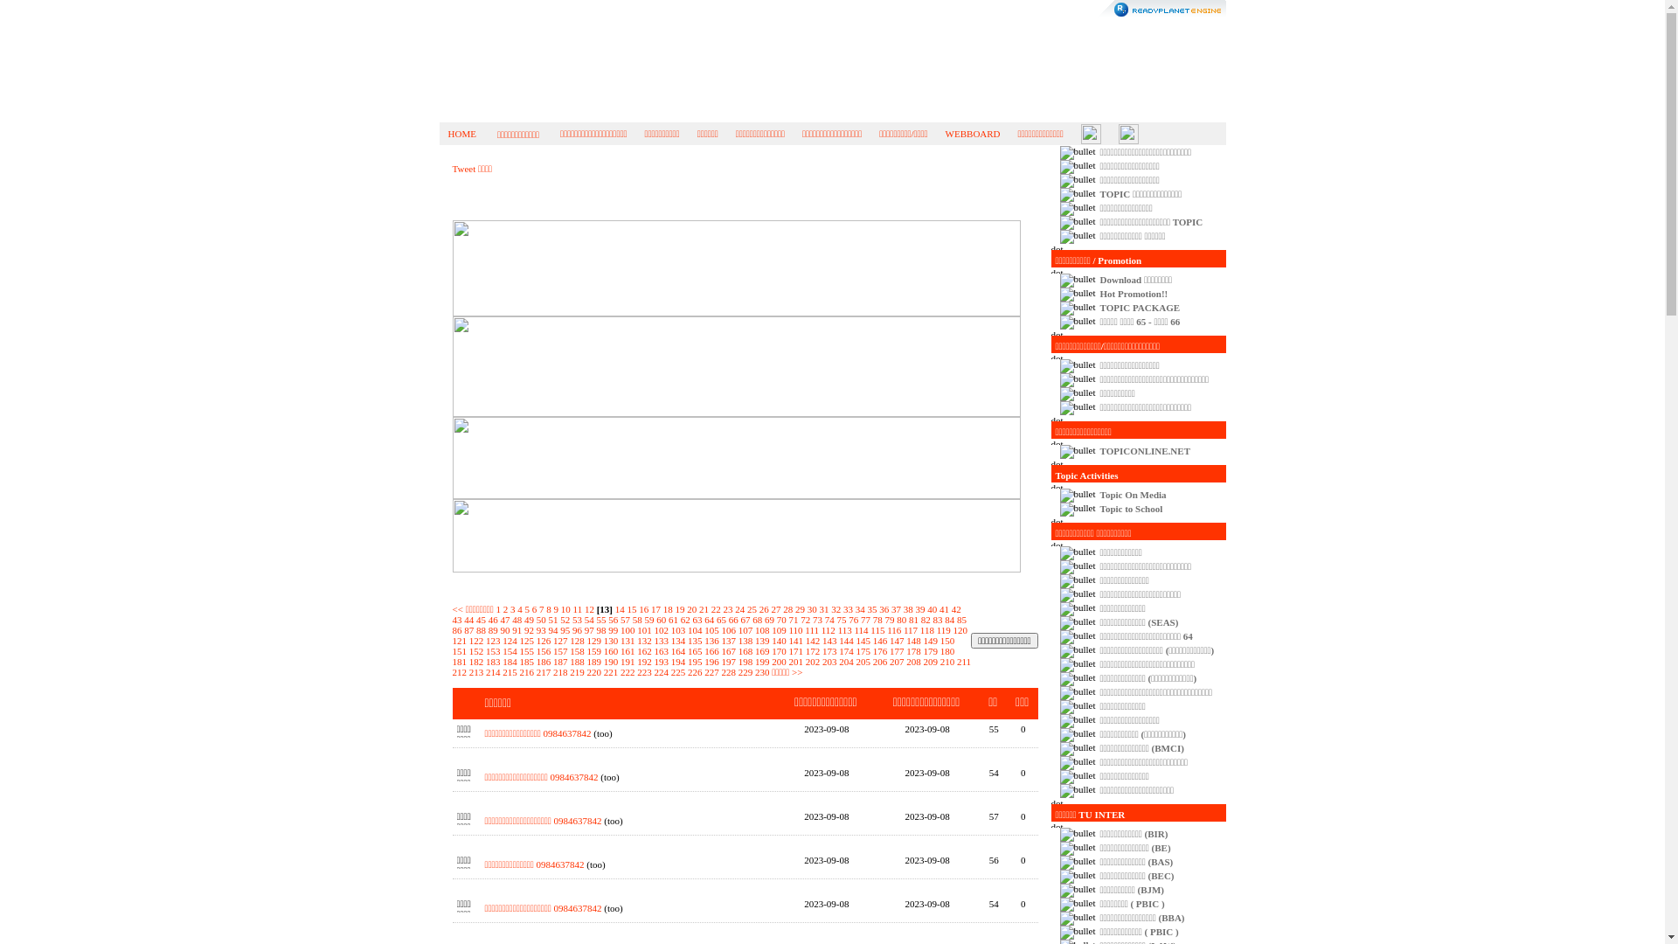 This screenshot has height=944, width=1678. Describe the element at coordinates (628, 661) in the screenshot. I see `'191'` at that location.